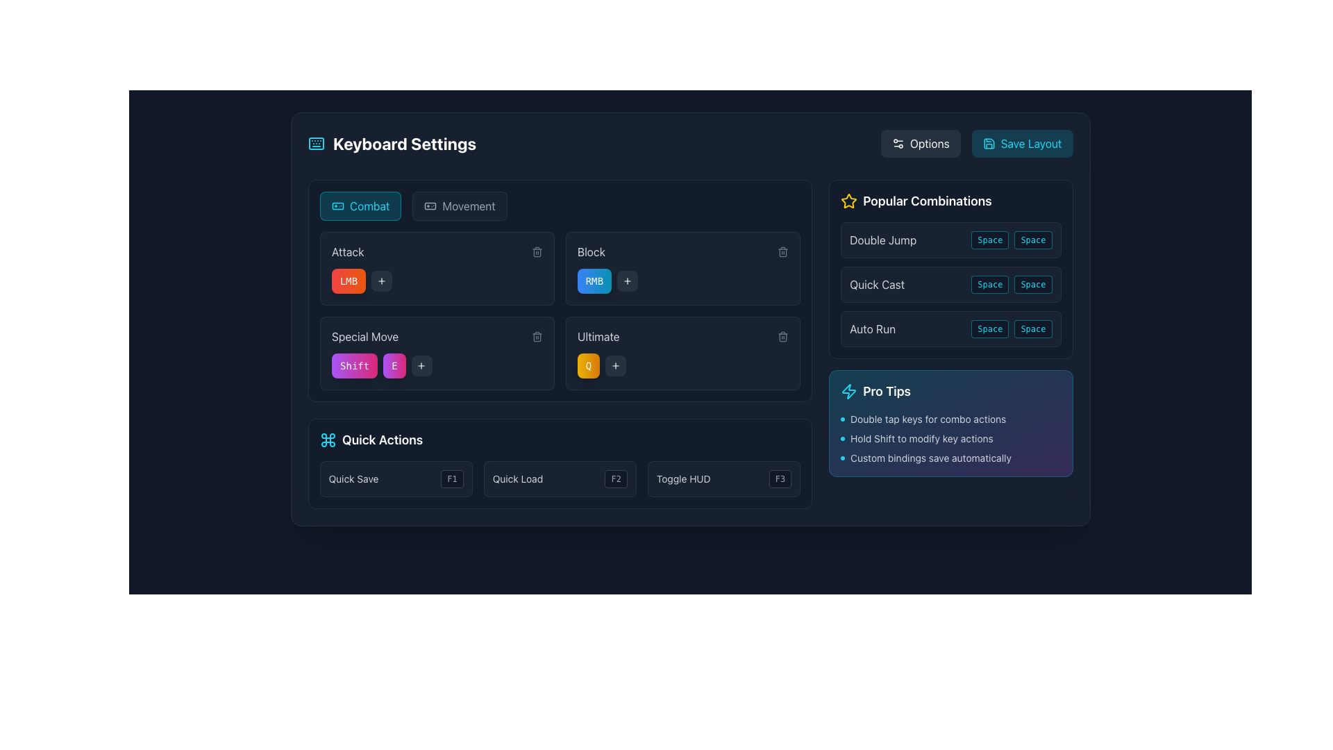  Describe the element at coordinates (989, 240) in the screenshot. I see `the first 'Space' button-like label used for user customization in the keyboard settings located under 'Popular Combinations' in the 'Double Jump' row` at that location.